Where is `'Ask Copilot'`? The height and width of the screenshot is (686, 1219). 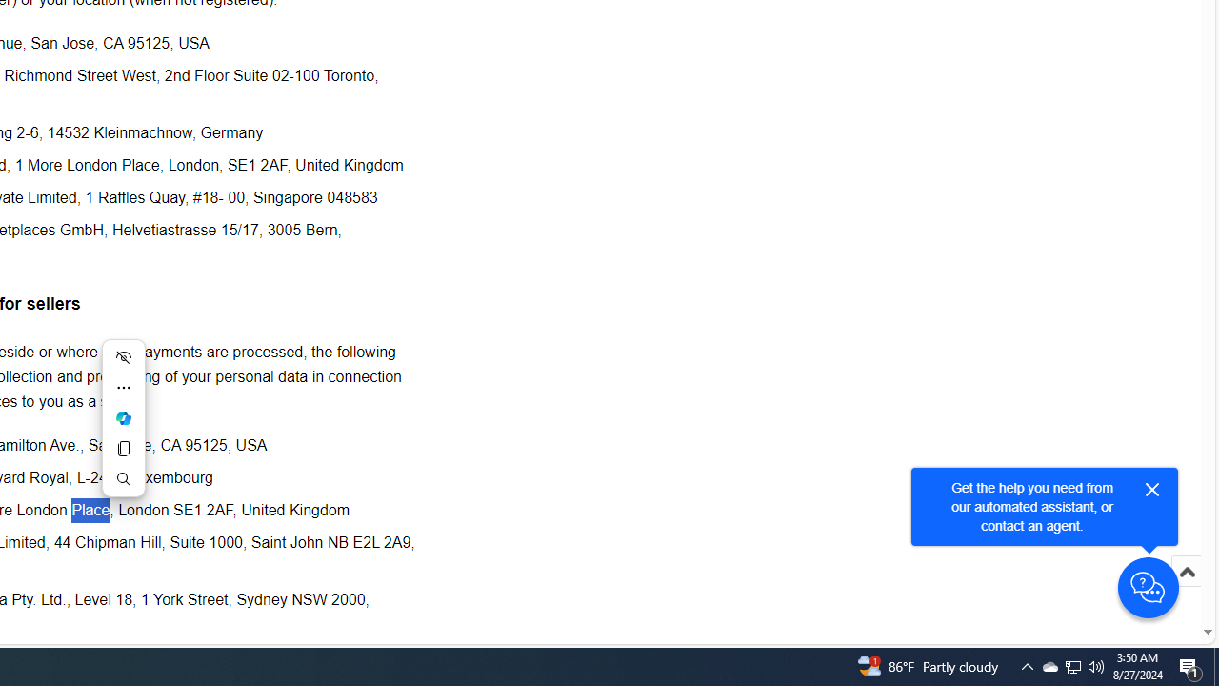 'Ask Copilot' is located at coordinates (122, 417).